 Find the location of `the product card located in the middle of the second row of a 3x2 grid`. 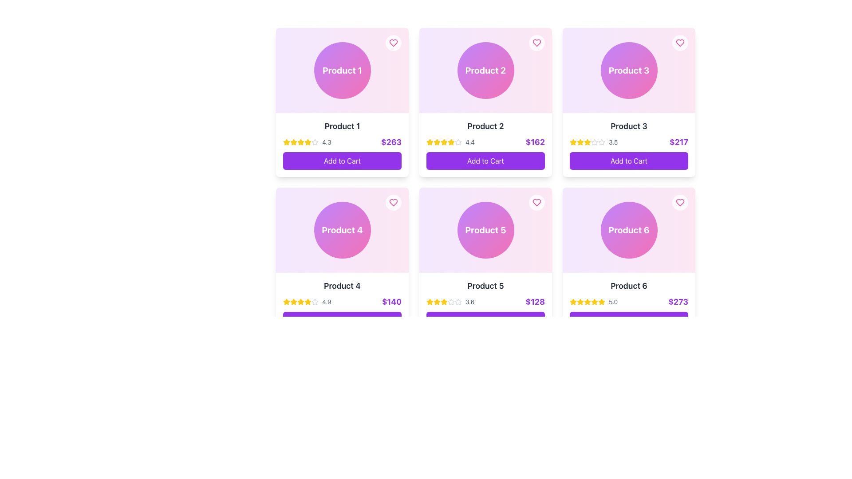

the product card located in the middle of the second row of a 3x2 grid is located at coordinates (485, 304).